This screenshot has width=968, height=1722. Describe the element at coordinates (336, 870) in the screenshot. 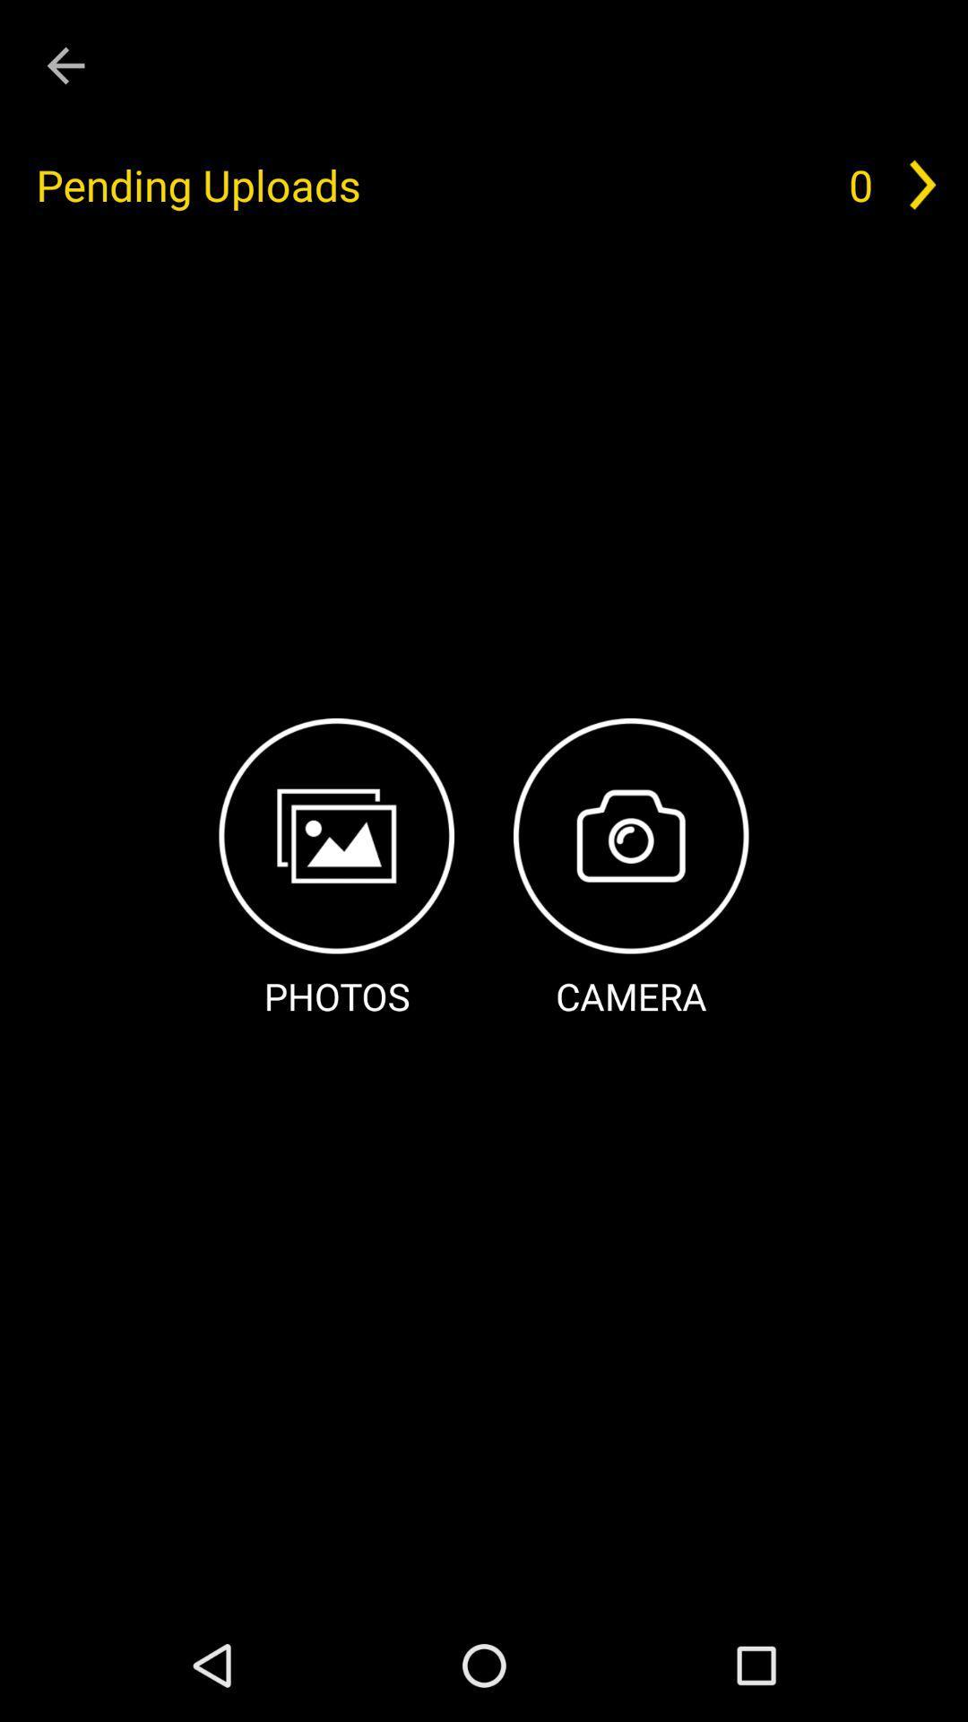

I see `the item below pending uploads item` at that location.